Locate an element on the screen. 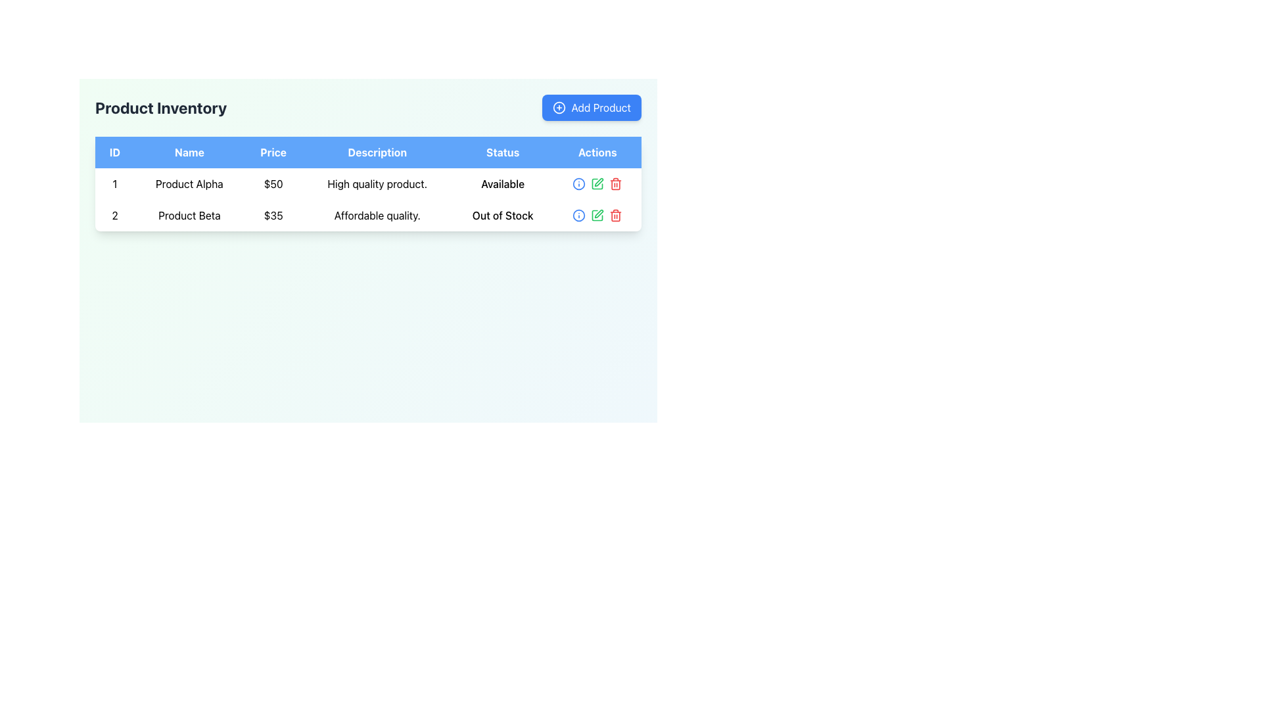  the circular blue information icon located in the 'Actions' column of the second row of the 'Product Inventory' table is located at coordinates (578, 184).